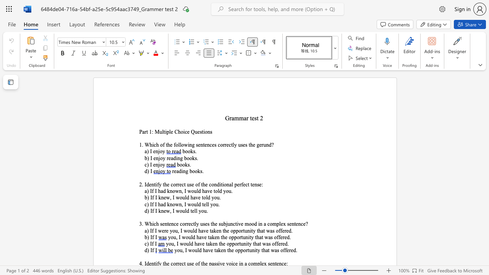 Image resolution: width=489 pixels, height=275 pixels. Describe the element at coordinates (206, 197) in the screenshot. I see `the space between the continuous character "o" and "l" in the text` at that location.